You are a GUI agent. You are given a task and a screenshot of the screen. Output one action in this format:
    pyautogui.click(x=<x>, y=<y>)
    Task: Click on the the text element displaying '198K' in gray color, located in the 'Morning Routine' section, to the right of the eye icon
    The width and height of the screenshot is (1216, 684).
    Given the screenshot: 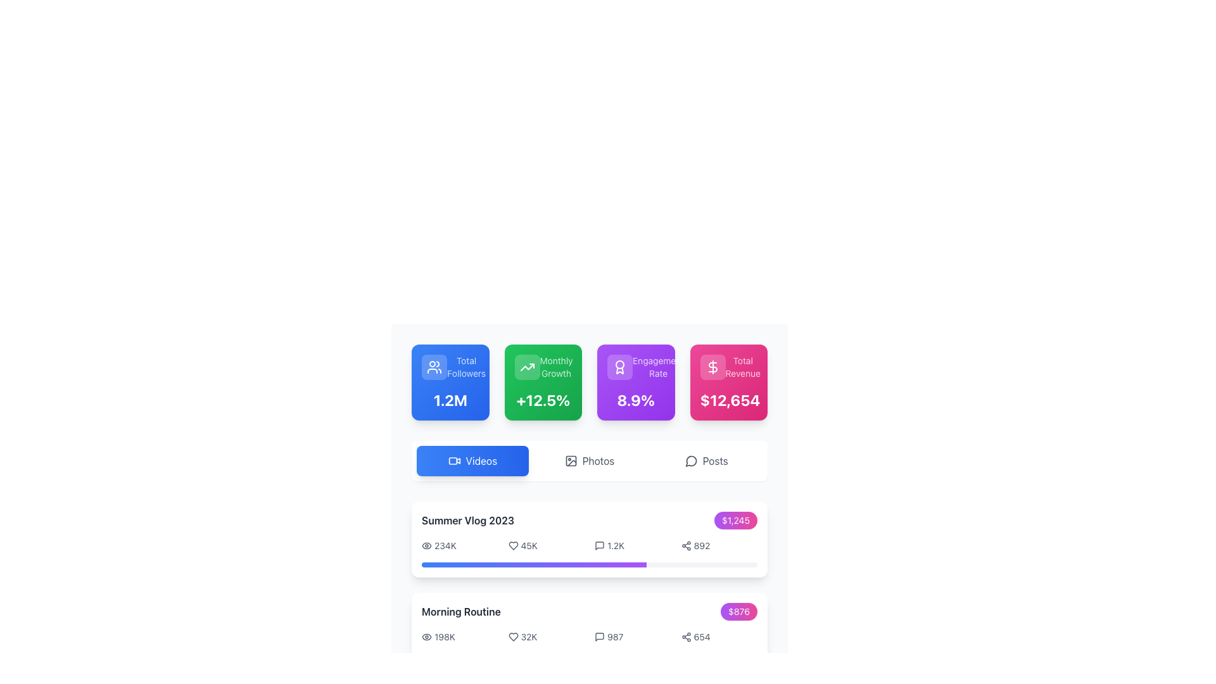 What is the action you would take?
    pyautogui.click(x=445, y=637)
    